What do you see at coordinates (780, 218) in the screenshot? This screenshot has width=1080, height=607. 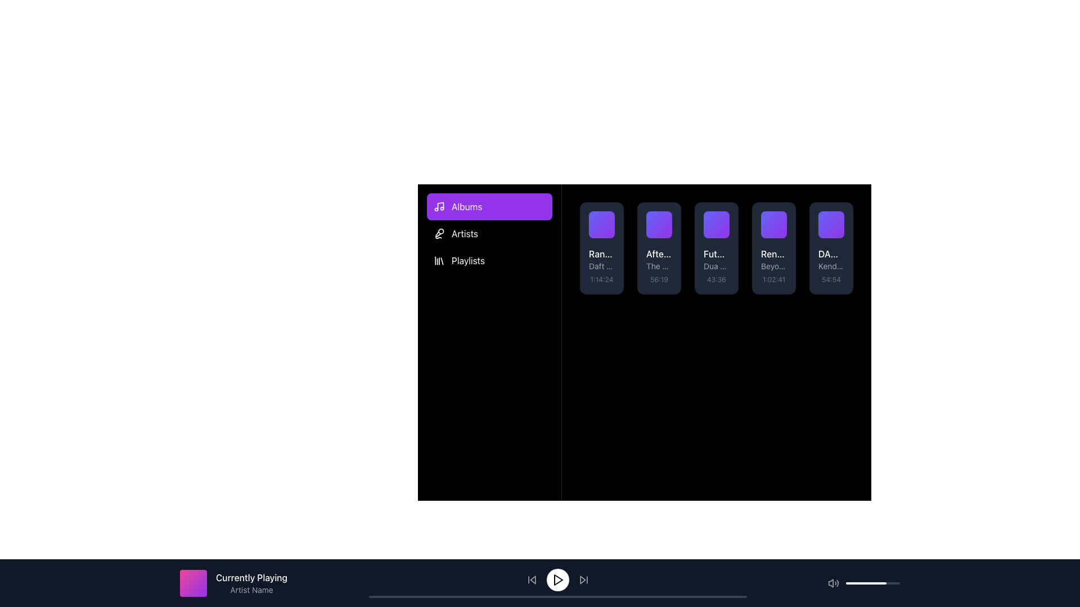 I see `the heart icon located in the top-right corner of the album card titled 'Renaissance' to mark the album as favorite` at bounding box center [780, 218].